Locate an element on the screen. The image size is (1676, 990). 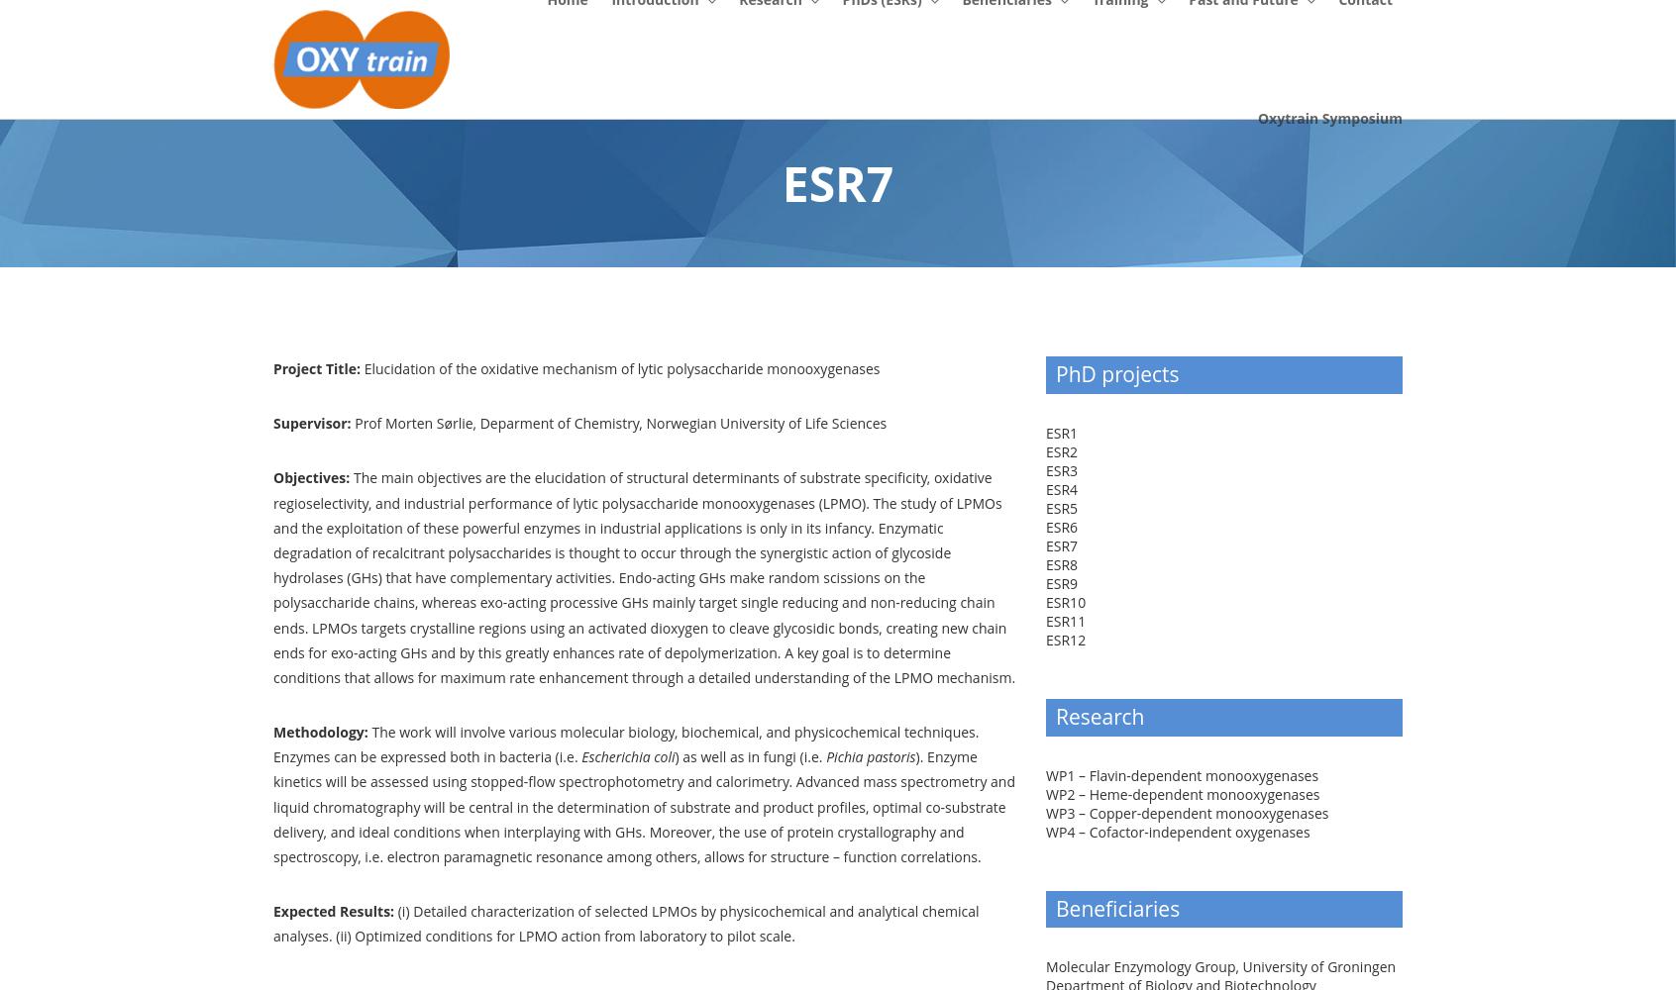
'ESR1' is located at coordinates (1044, 432).